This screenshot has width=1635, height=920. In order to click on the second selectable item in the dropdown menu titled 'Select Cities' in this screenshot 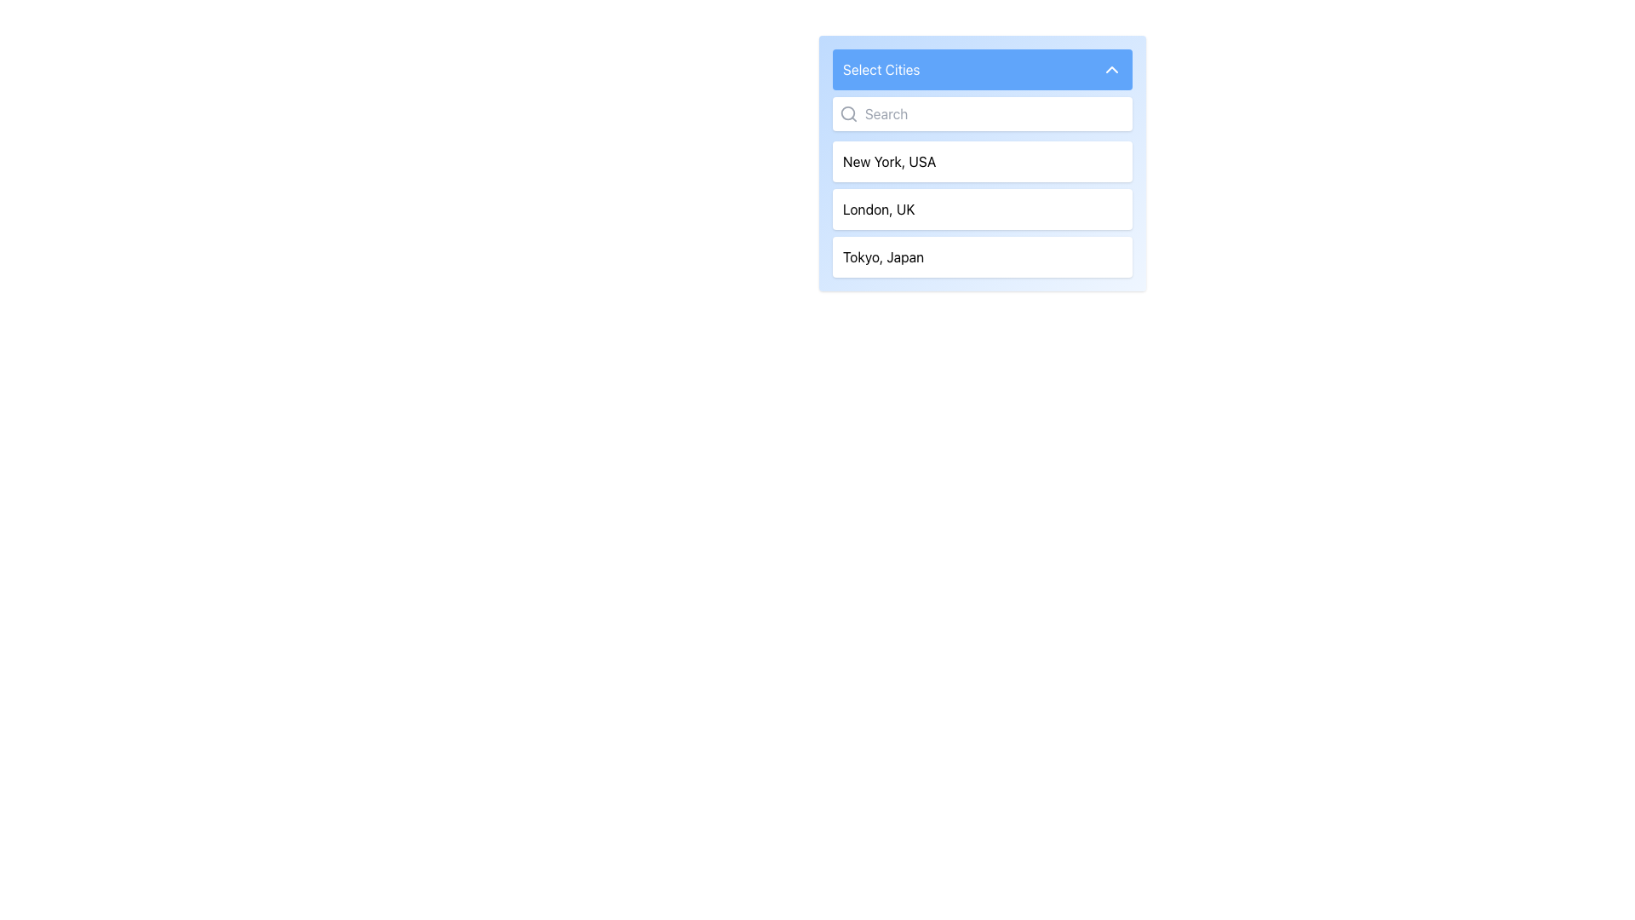, I will do `click(982, 209)`.